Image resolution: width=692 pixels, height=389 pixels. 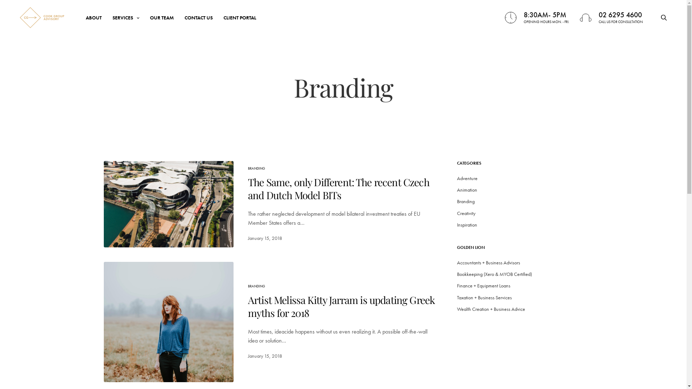 What do you see at coordinates (19, 17) in the screenshot?
I see `'Cook Group Advisory'` at bounding box center [19, 17].